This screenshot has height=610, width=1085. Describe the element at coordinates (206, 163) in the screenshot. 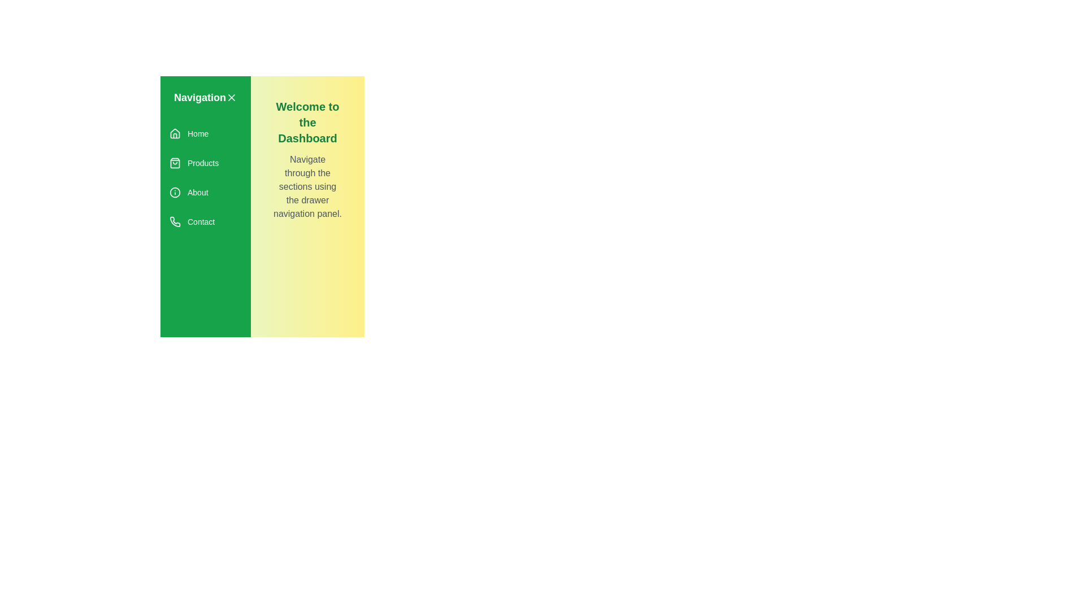

I see `the menu item Products to navigate to the corresponding section` at that location.